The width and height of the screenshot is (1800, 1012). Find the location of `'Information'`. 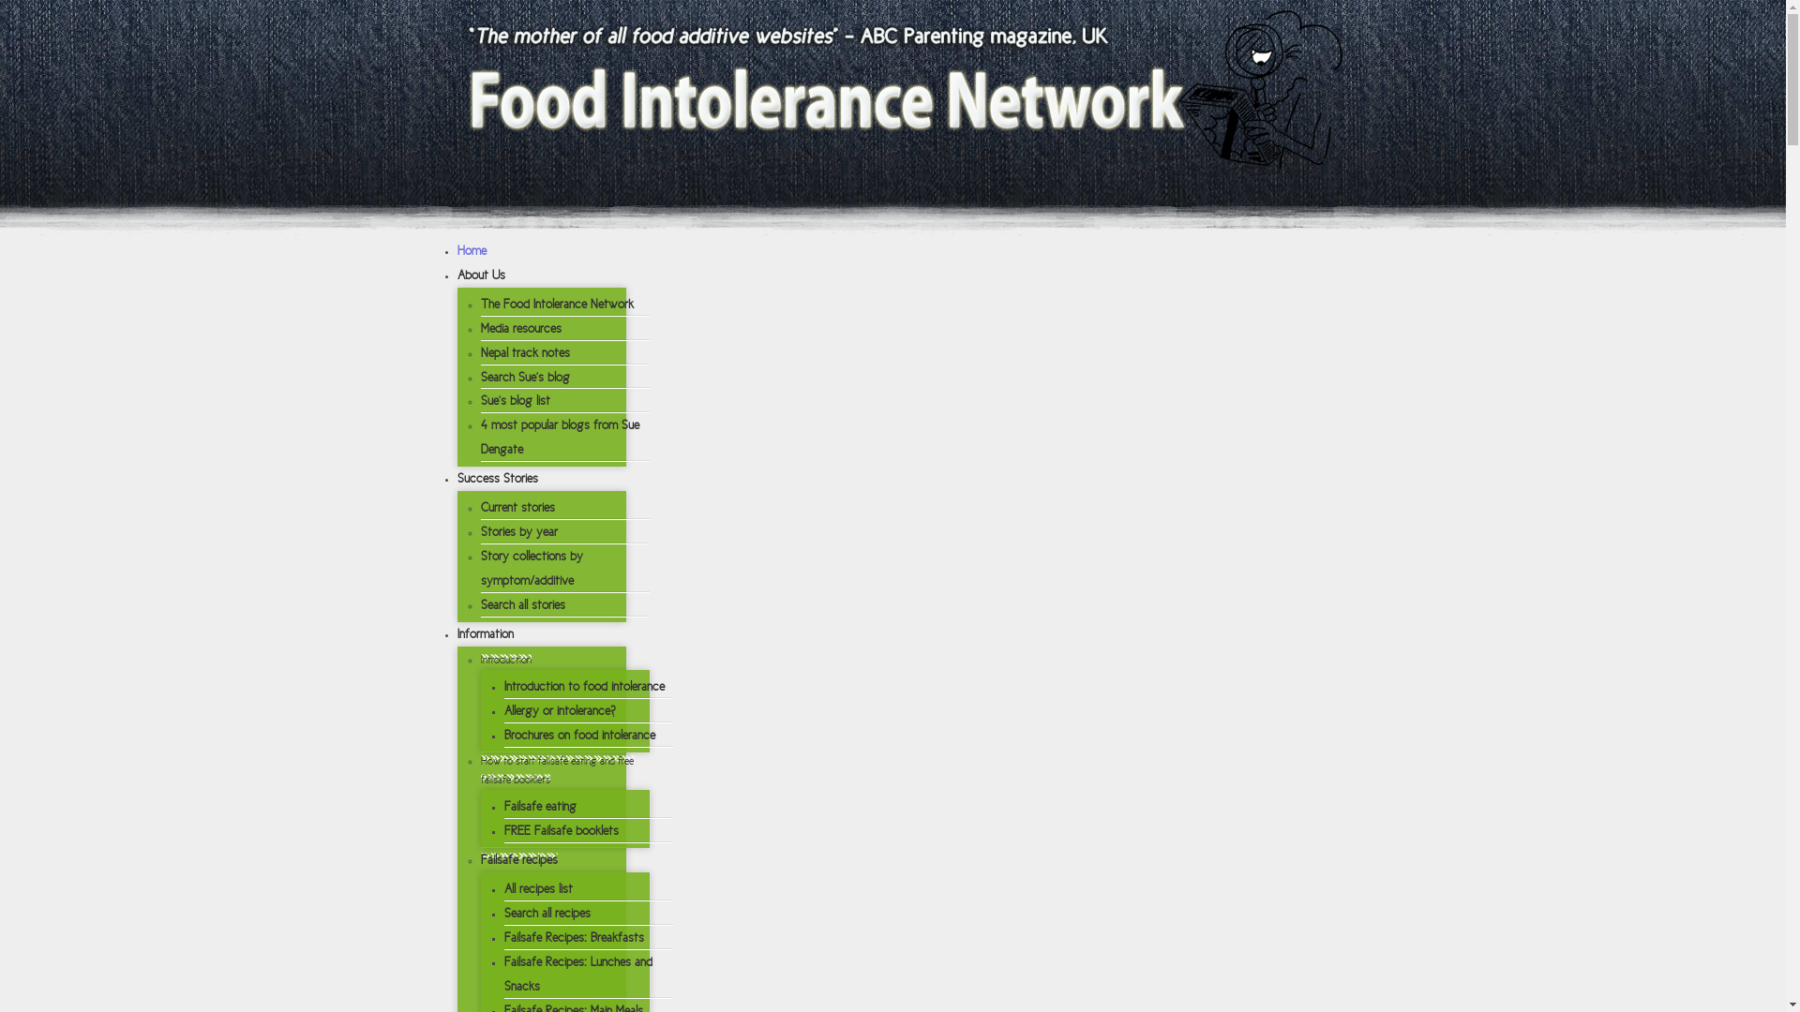

'Information' is located at coordinates (486, 632).